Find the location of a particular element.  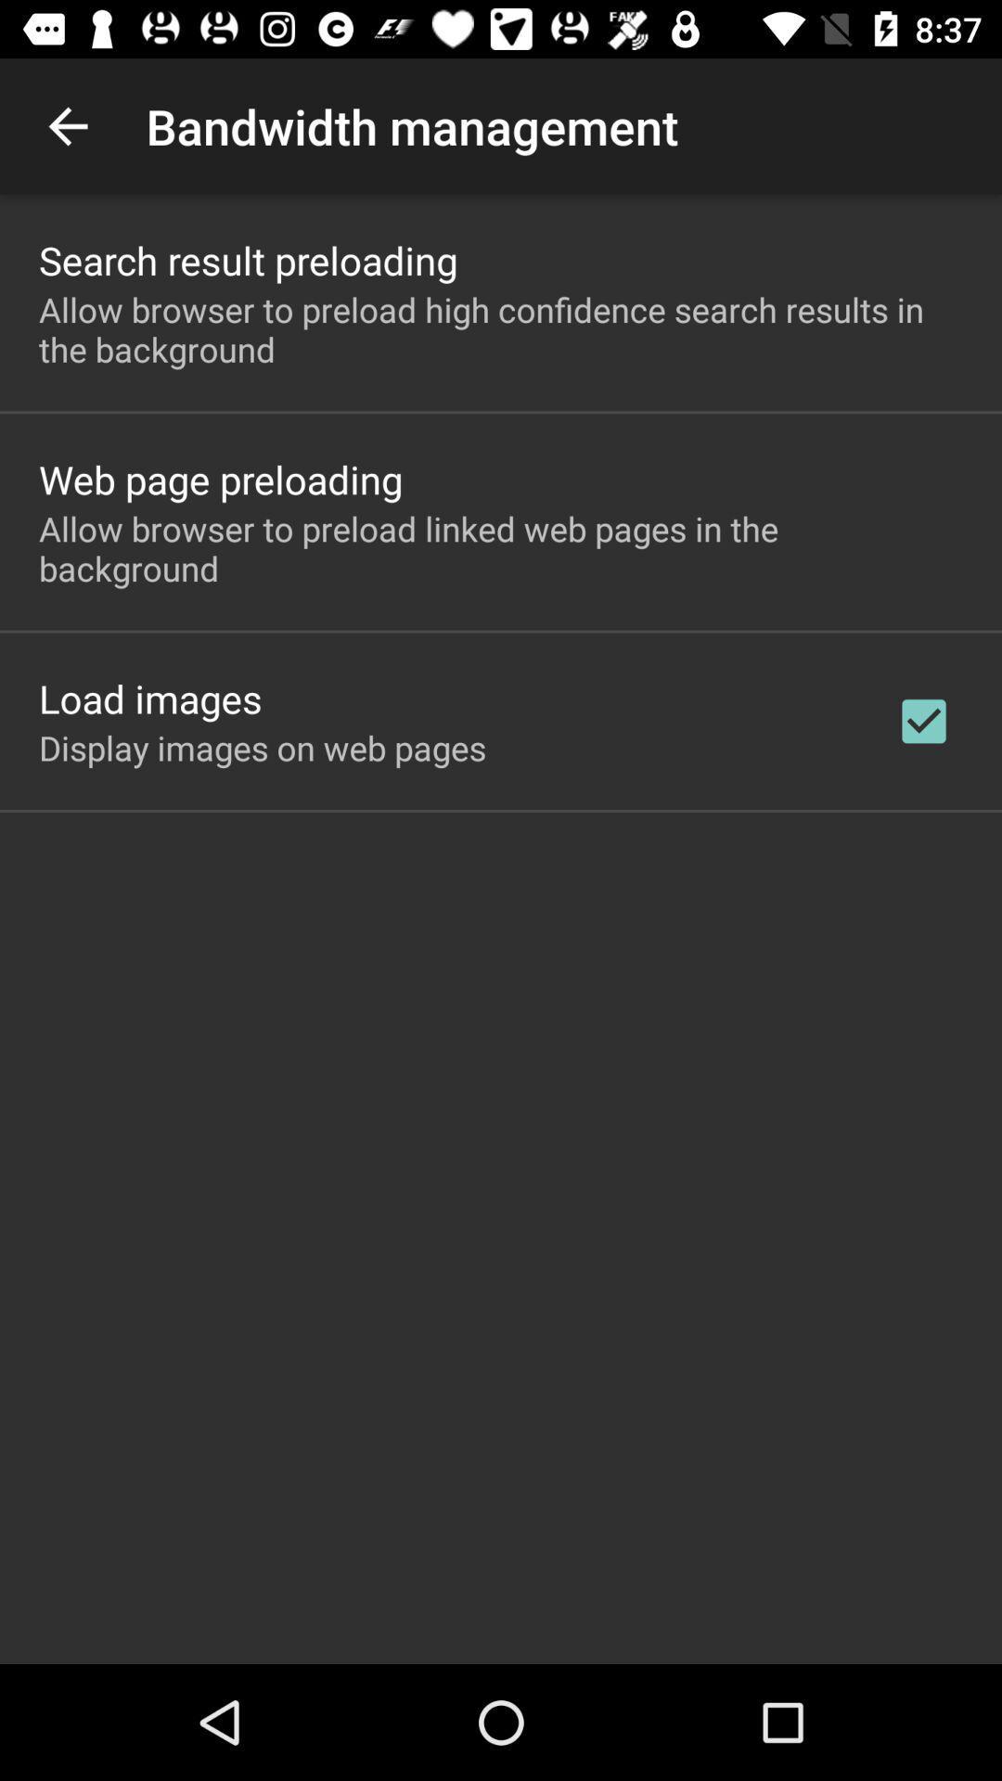

the app next to the display images on is located at coordinates (923, 720).